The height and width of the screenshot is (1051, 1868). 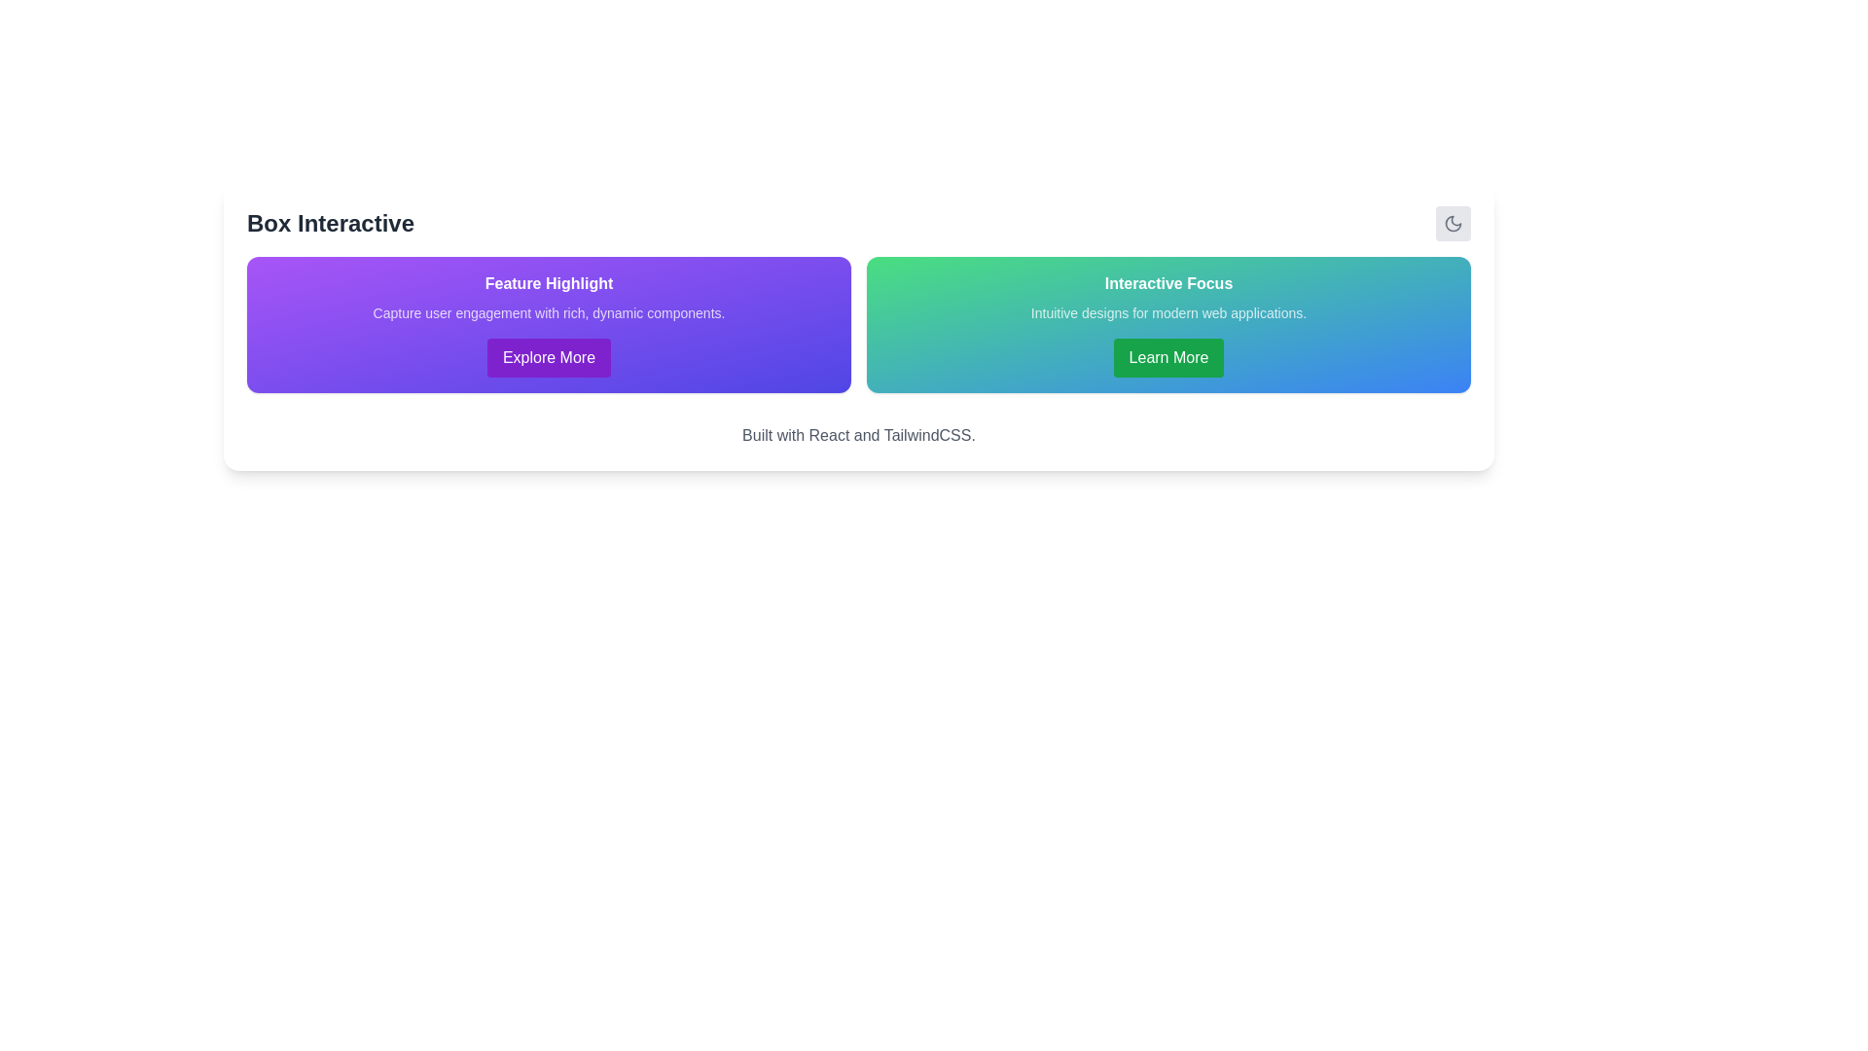 What do you see at coordinates (1167, 357) in the screenshot?
I see `the button that provides additional information related to 'Interactive Focus'` at bounding box center [1167, 357].